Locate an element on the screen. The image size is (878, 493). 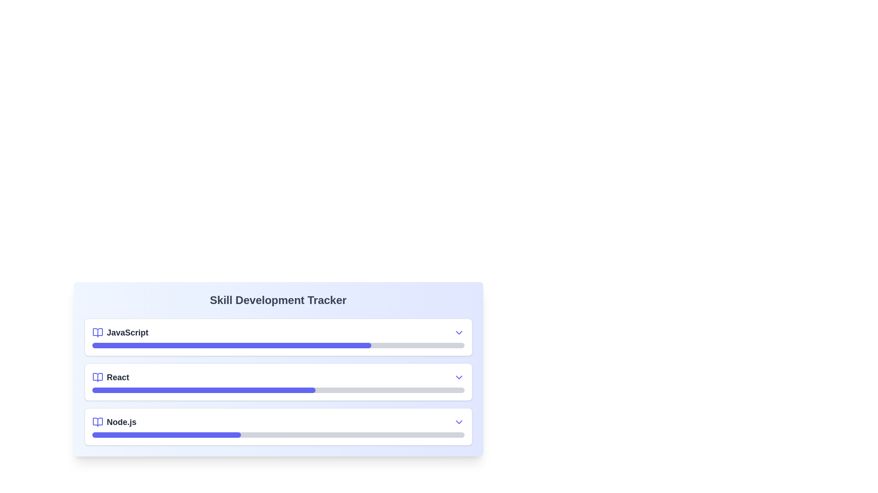
the Progress bar representing the user's proficiency level in 'React' within the 'Skill Development Tracker' card is located at coordinates (278, 382).